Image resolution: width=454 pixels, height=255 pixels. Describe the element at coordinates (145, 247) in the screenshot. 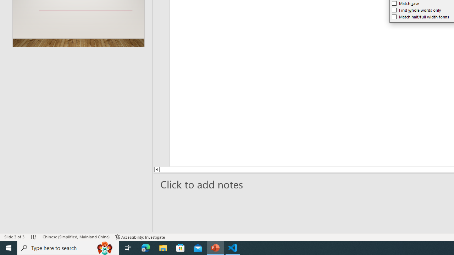

I see `'Microsoft Edge'` at that location.